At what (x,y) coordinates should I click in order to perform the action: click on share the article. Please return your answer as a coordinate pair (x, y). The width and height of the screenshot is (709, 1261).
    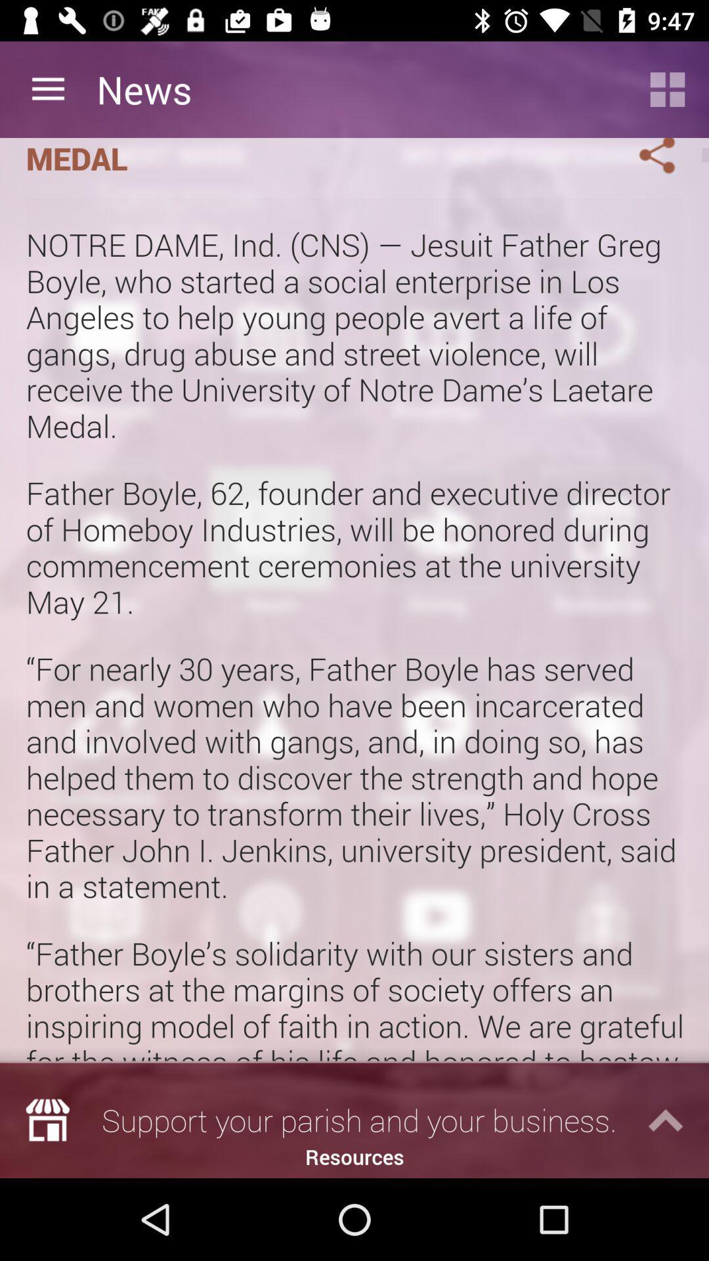
    Looking at the image, I should click on (641, 158).